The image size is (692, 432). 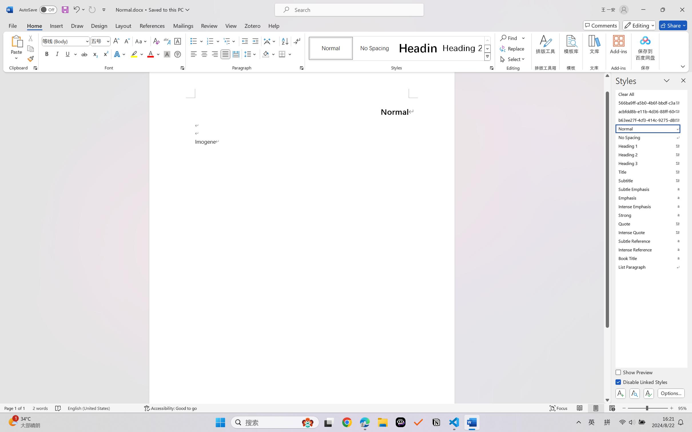 What do you see at coordinates (245, 41) in the screenshot?
I see `'Decrease Indent'` at bounding box center [245, 41].